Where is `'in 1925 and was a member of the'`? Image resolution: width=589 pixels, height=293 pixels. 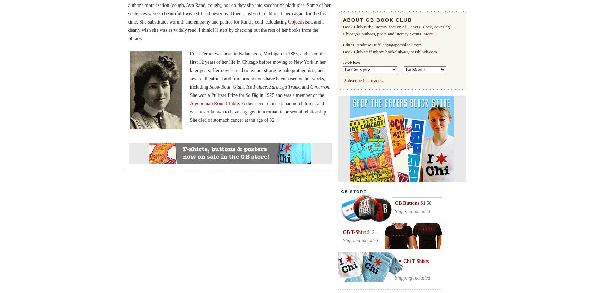
'in 1925 and was a member of the' is located at coordinates (258, 95).